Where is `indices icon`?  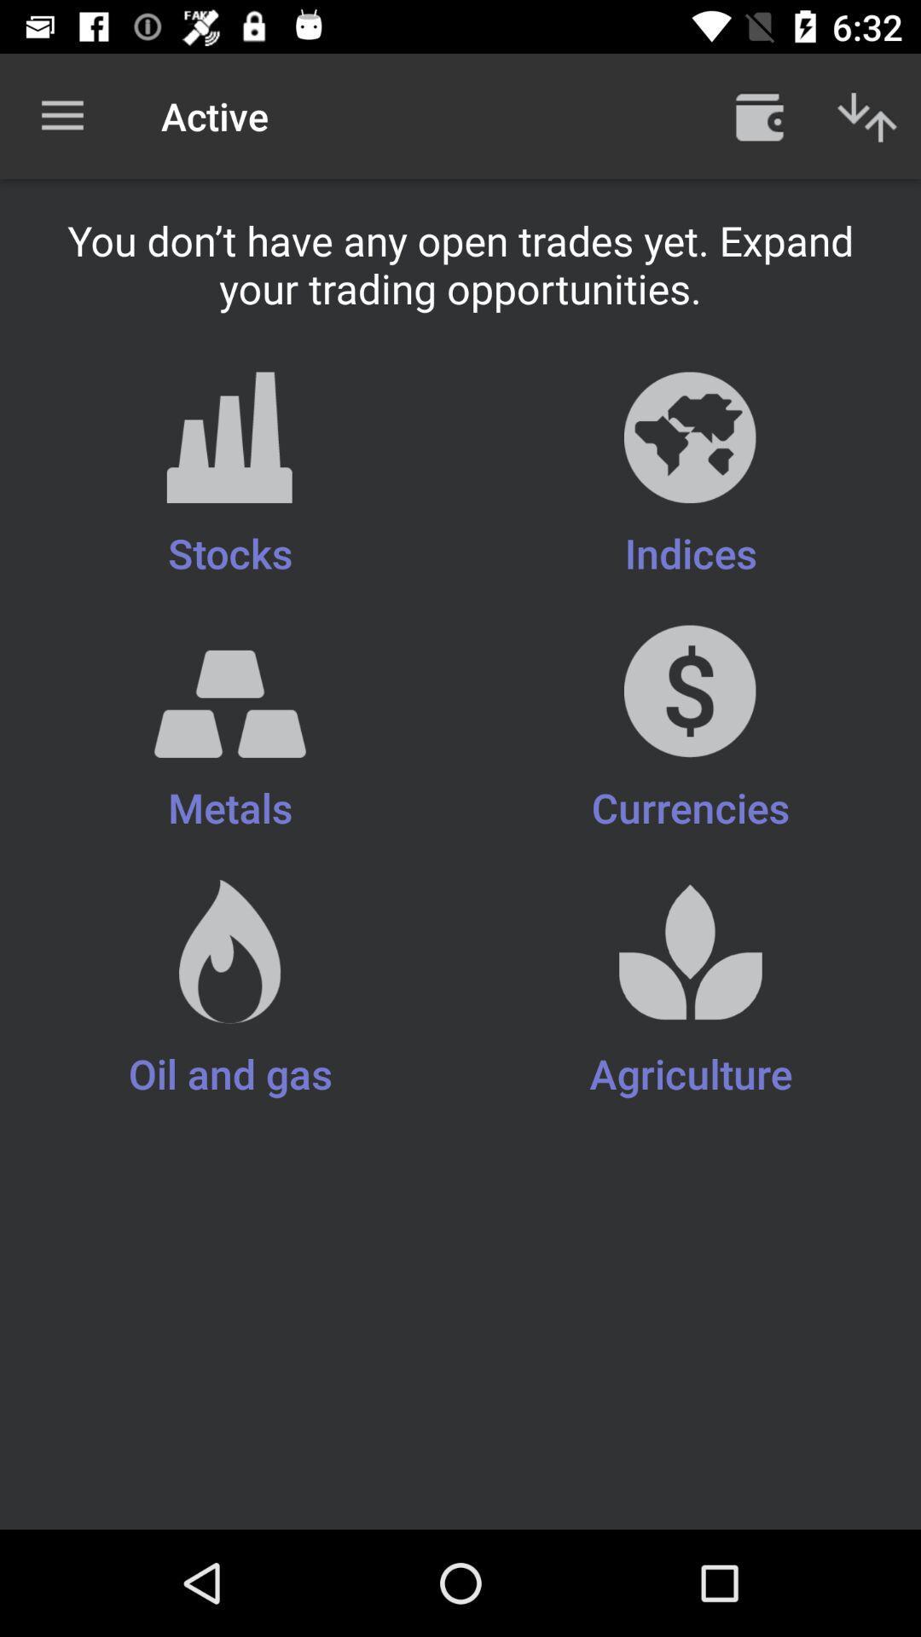
indices icon is located at coordinates (691, 476).